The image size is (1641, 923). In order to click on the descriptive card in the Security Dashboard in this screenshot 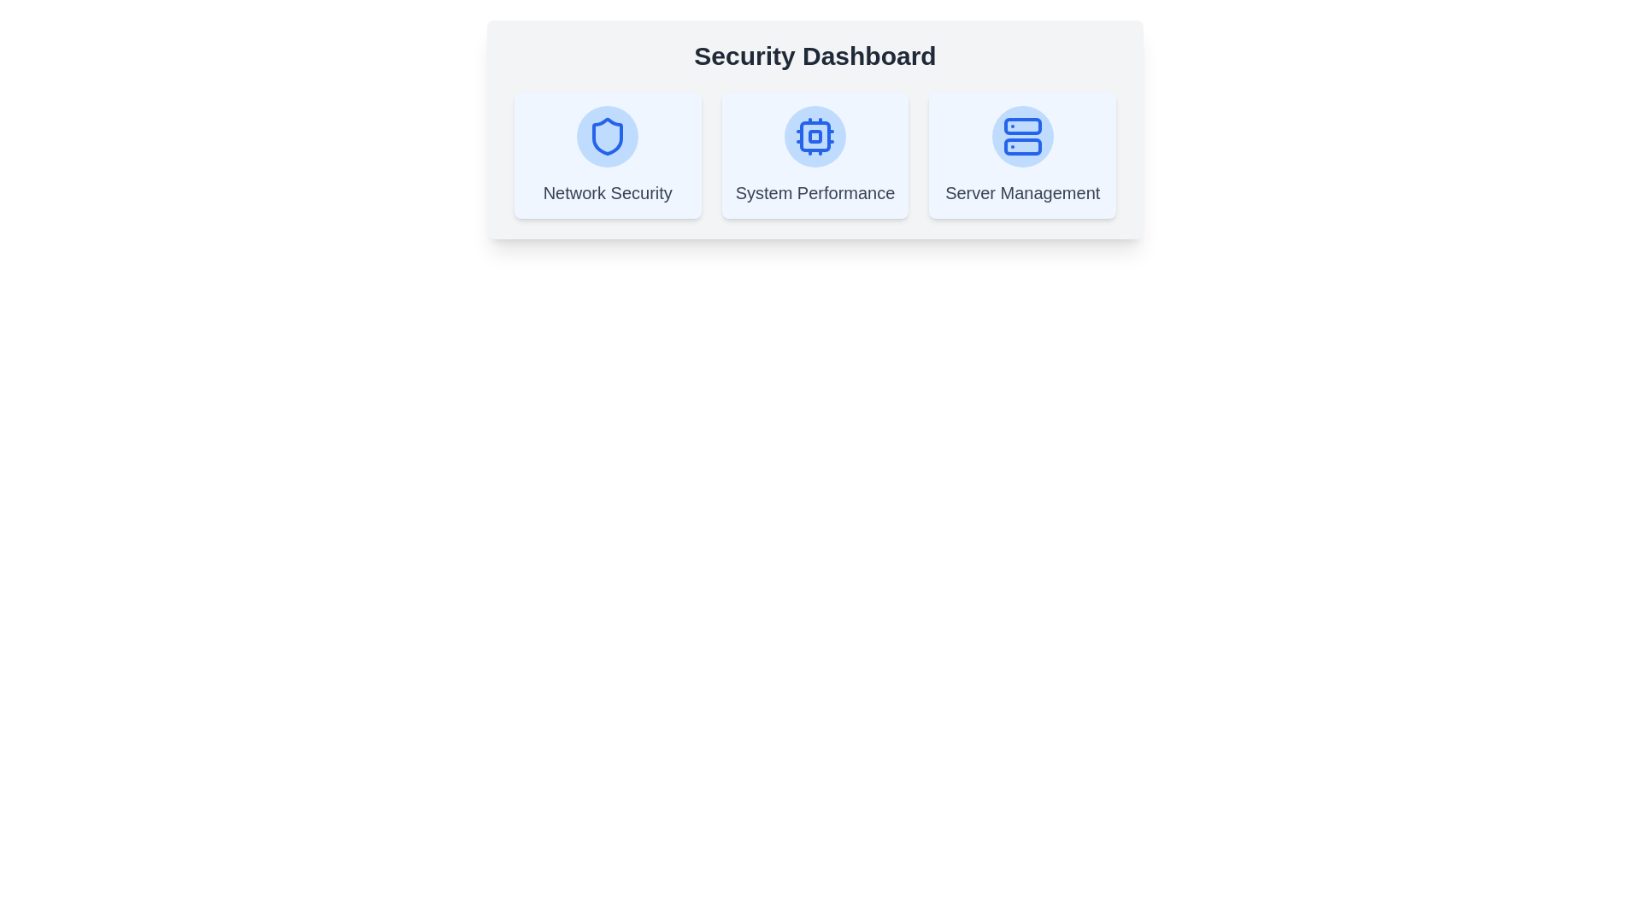, I will do `click(815, 155)`.